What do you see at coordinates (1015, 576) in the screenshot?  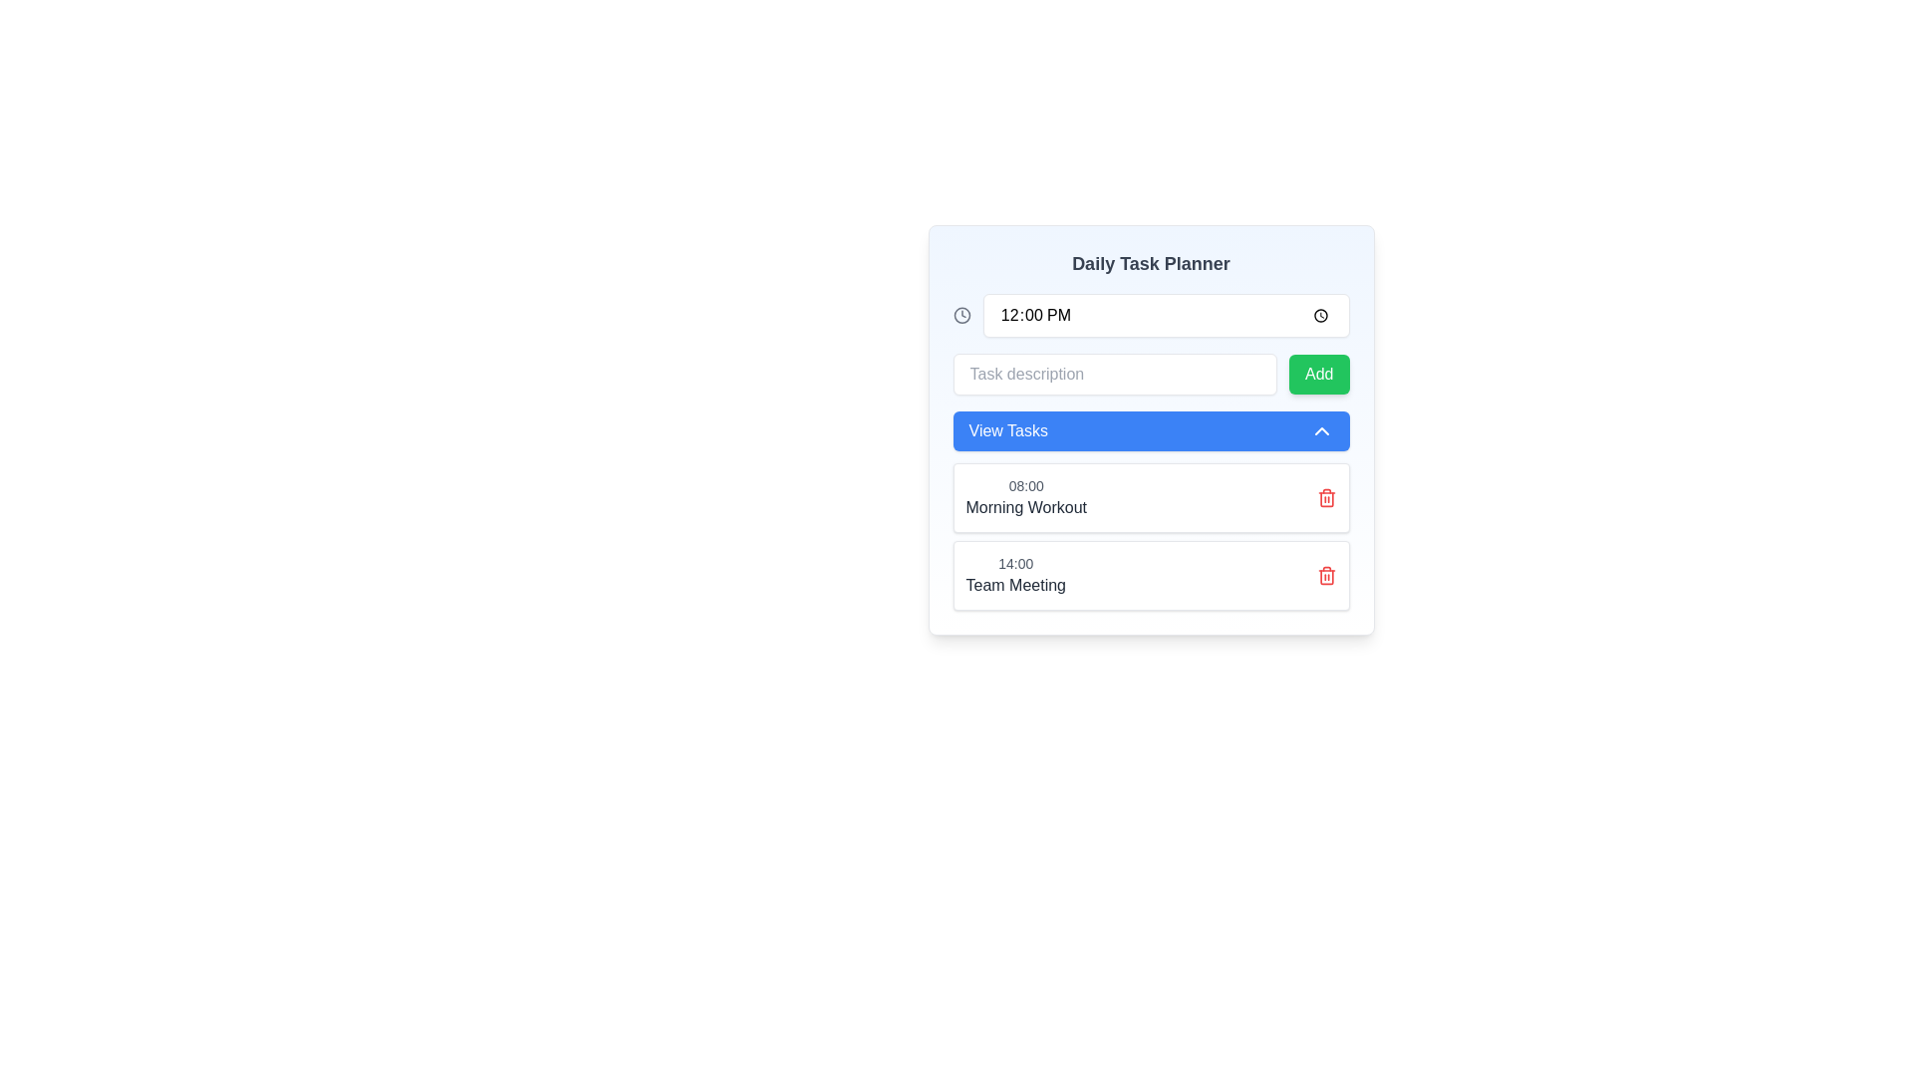 I see `the text display element representing the scheduled event 'Team Meeting' at '14:00' in the Daily Task Planner for accessibility` at bounding box center [1015, 576].